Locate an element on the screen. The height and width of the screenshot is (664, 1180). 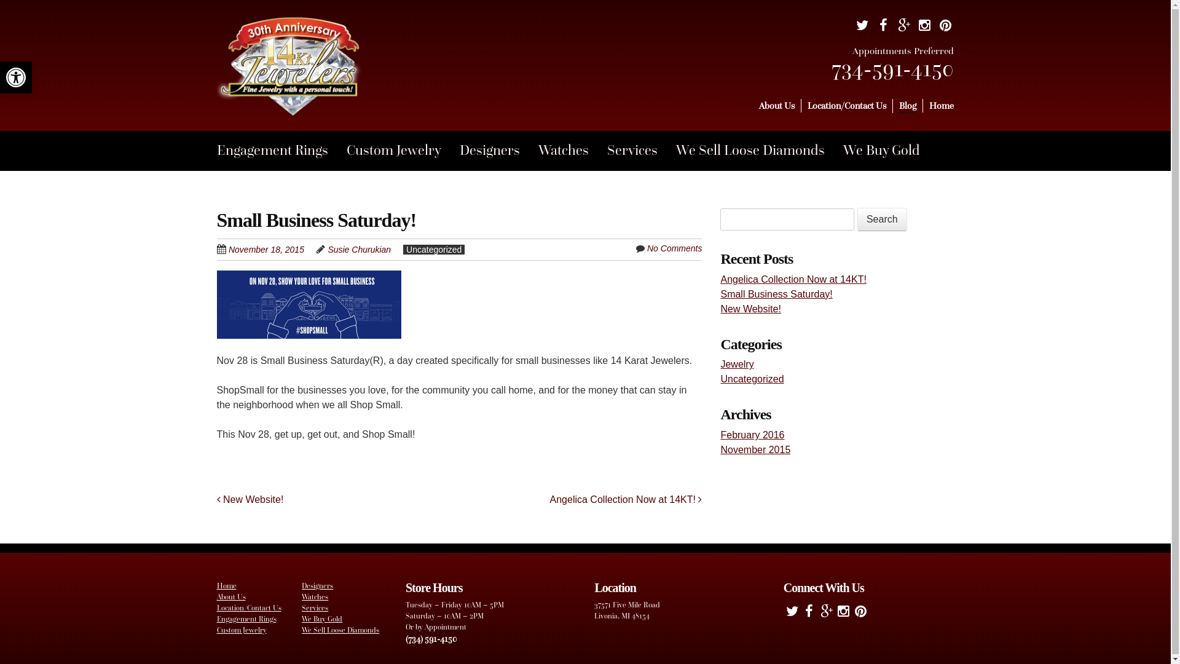
'Search' is located at coordinates (857, 219).